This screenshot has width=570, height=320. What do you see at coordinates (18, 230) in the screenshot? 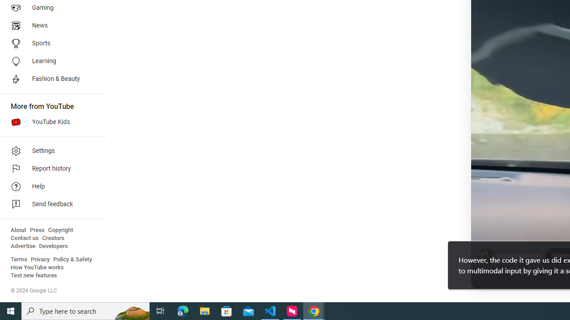
I see `'About'` at bounding box center [18, 230].